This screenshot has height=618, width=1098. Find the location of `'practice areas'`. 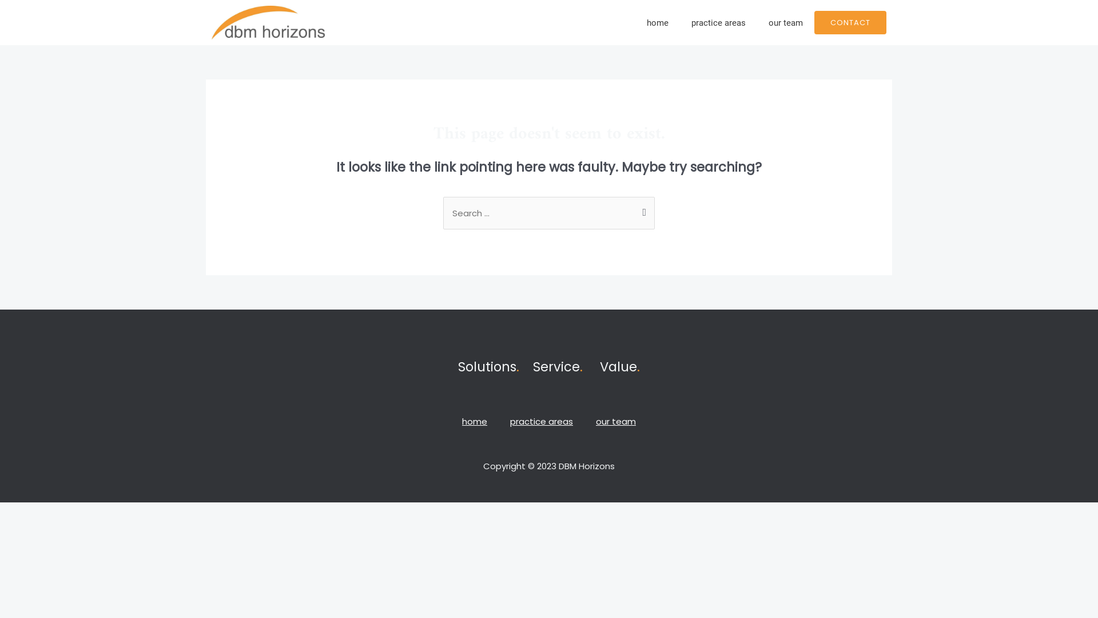

'practice areas' is located at coordinates (718, 22).